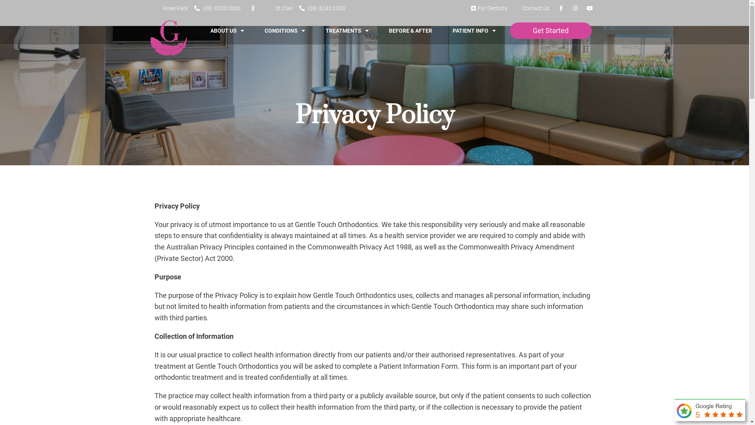 This screenshot has width=755, height=425. I want to click on 'BEFORE & AFTER', so click(383, 30).